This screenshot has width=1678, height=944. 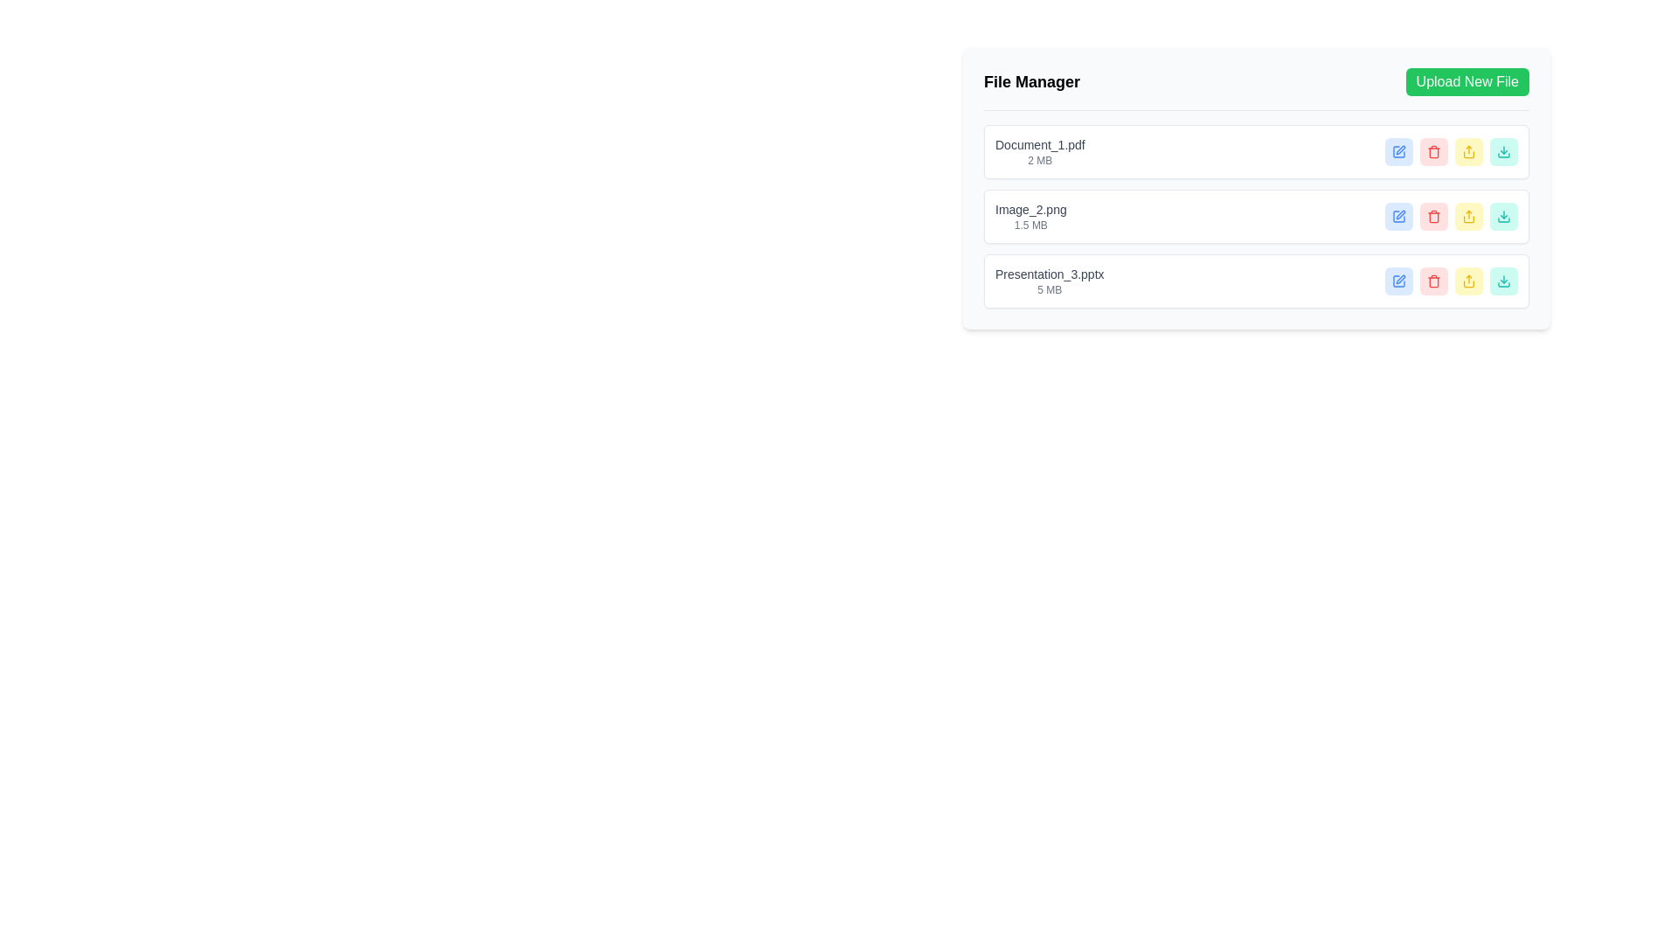 I want to click on the download icon button, which is a small downward arrow icon located at the far right of the file list interface in the last section of the 'Presentation_3.pptx' row, within a teal-colored circular background, so click(x=1503, y=150).